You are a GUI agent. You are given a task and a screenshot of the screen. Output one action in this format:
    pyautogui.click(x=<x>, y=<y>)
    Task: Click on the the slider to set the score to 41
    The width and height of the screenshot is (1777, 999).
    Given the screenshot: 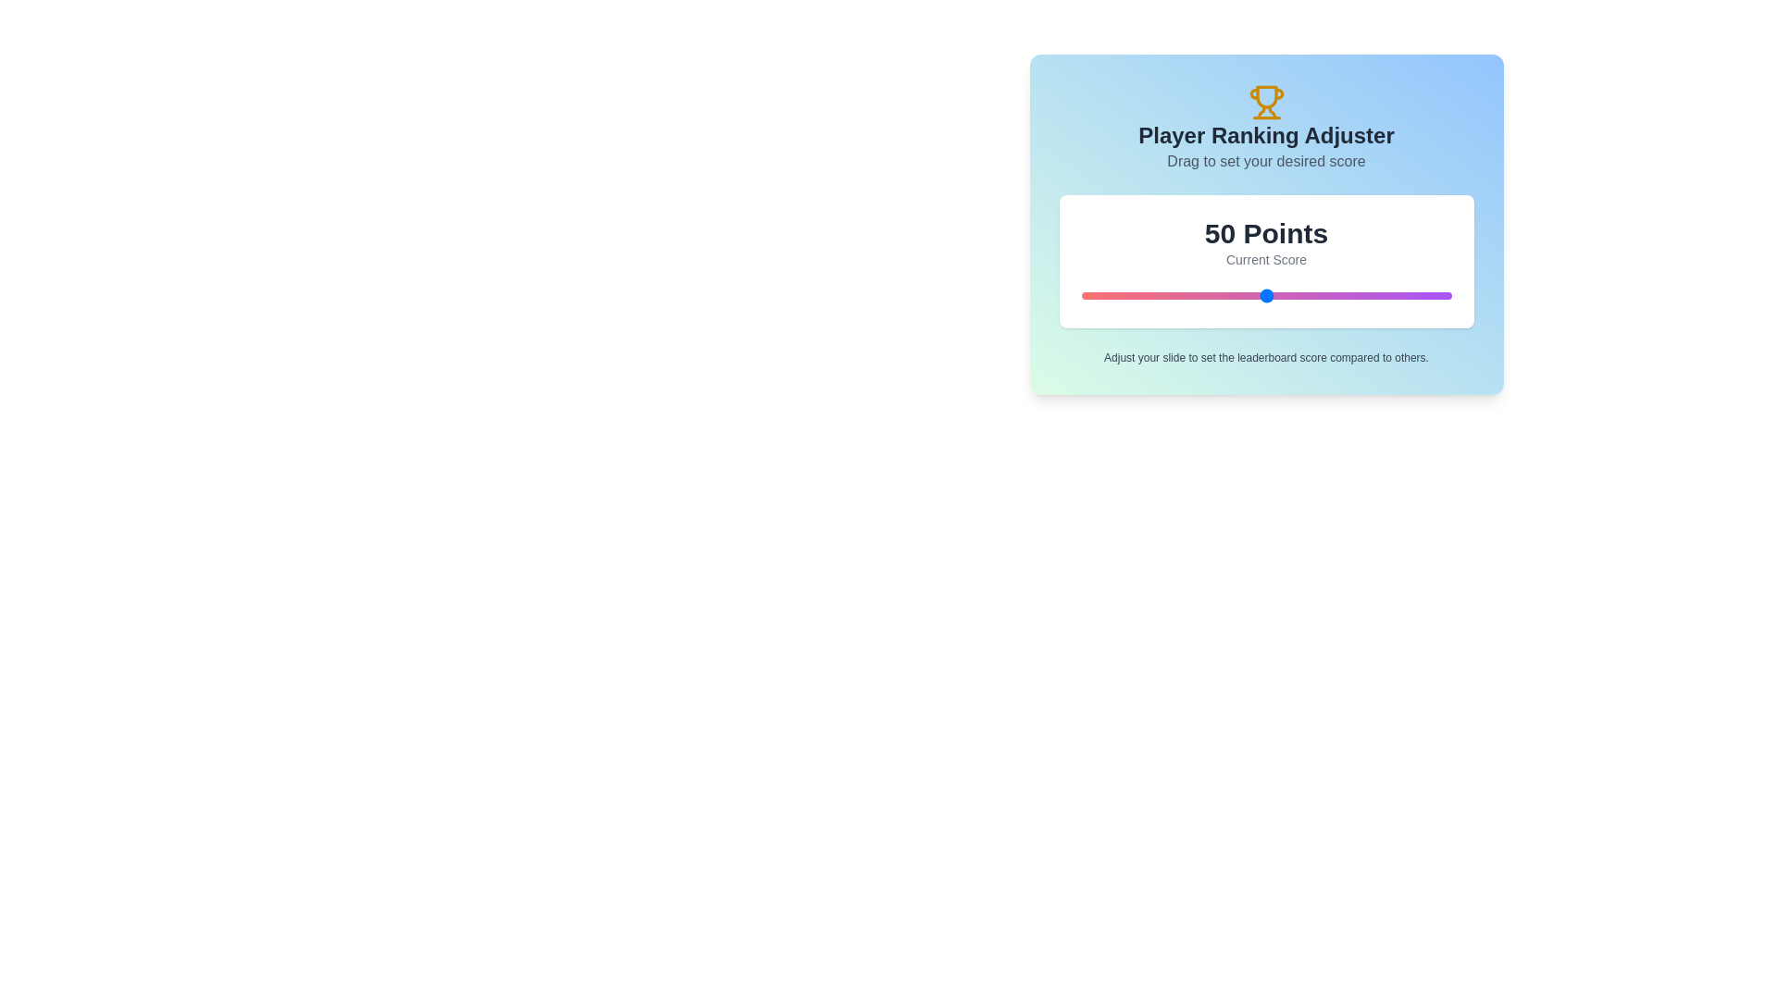 What is the action you would take?
    pyautogui.click(x=1233, y=295)
    